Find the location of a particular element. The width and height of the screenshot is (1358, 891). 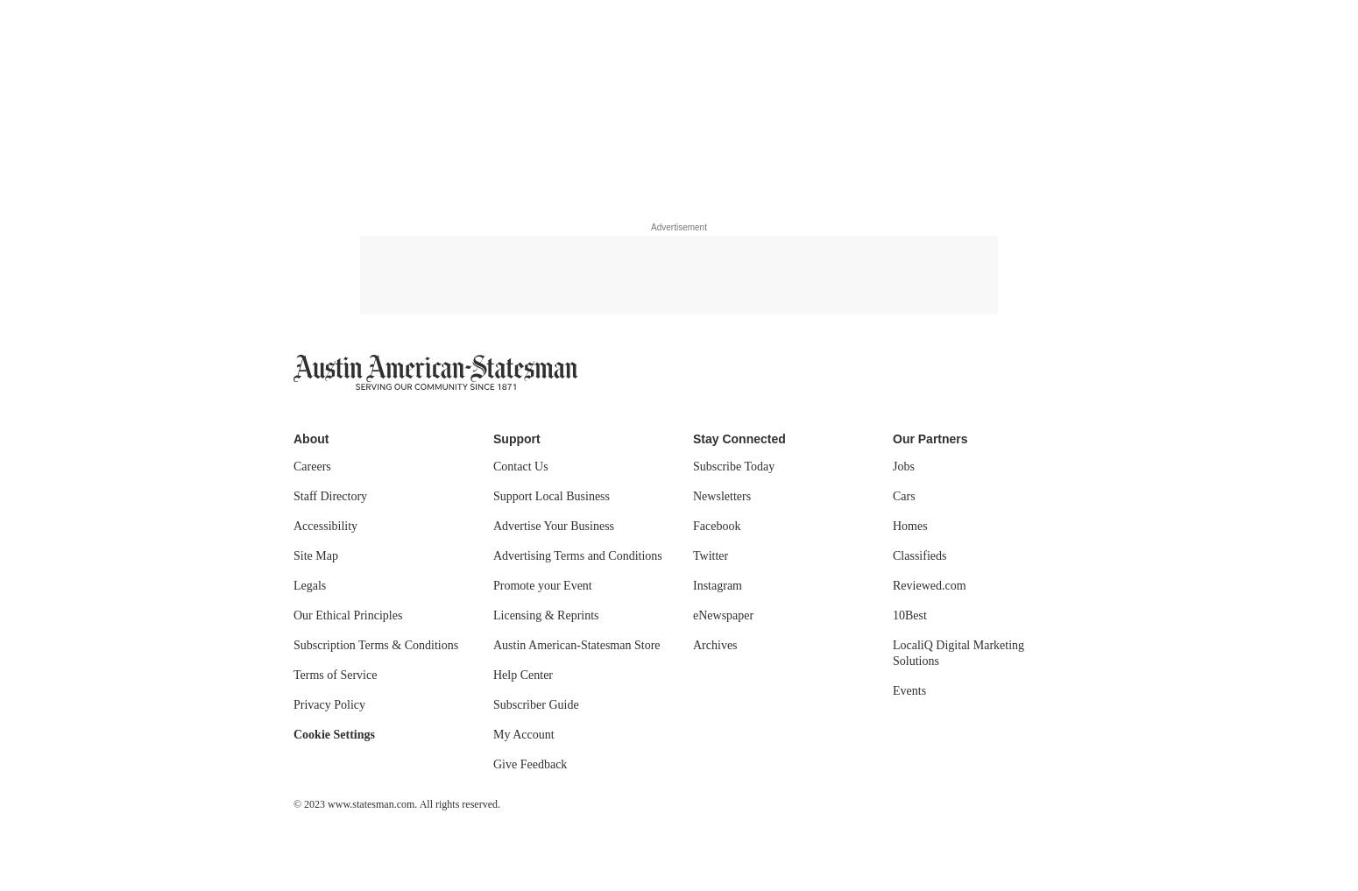

'Facebook' is located at coordinates (691, 525).